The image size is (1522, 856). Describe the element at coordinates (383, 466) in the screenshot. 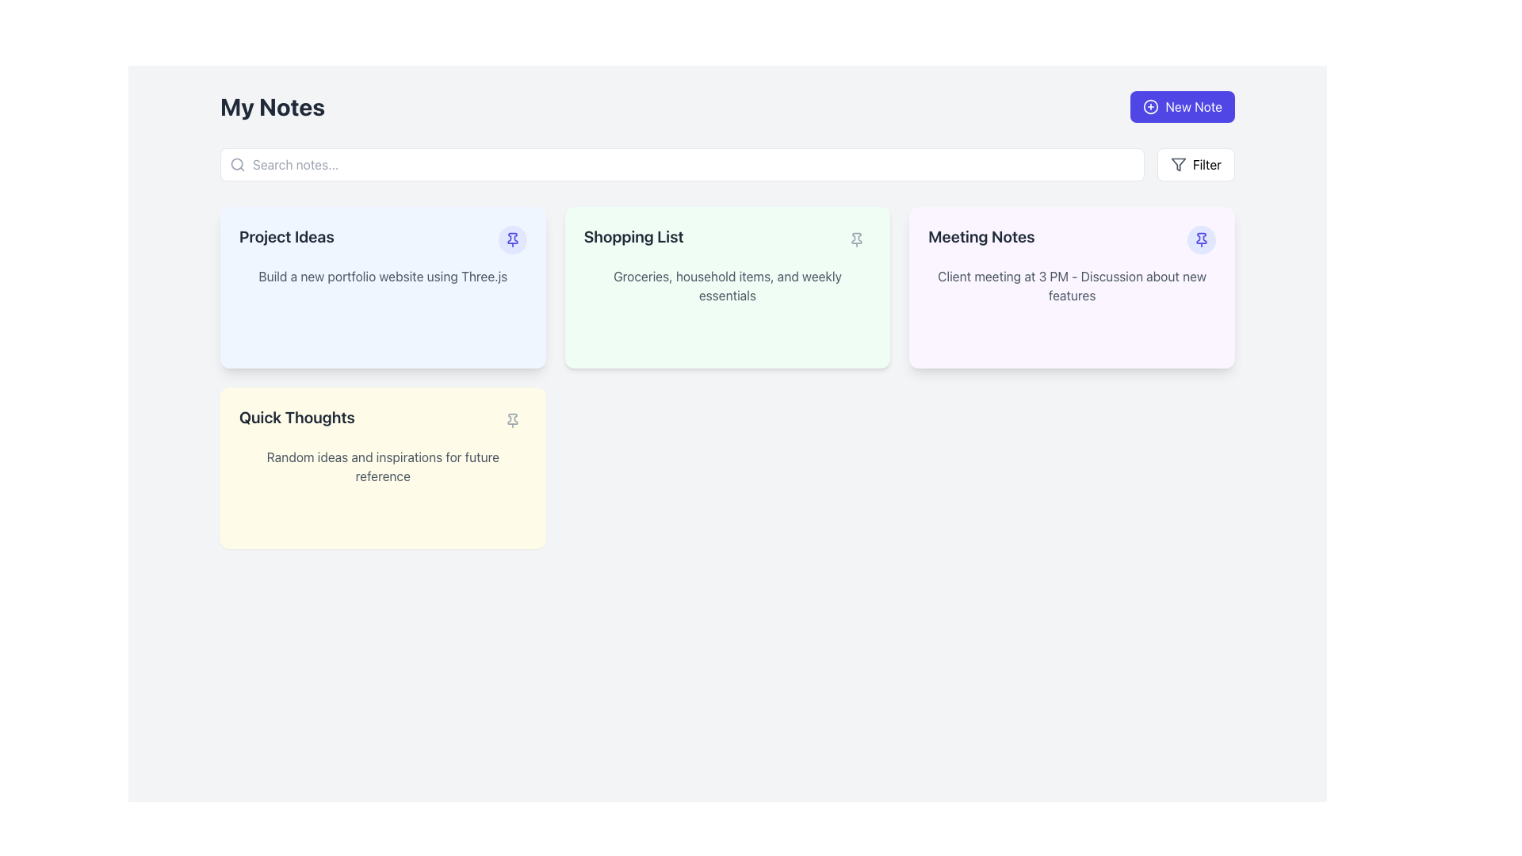

I see `the text element displaying 'Random ideas and inspirations for future reference', located in the 'Quick Thoughts' section below the main title 'Quick Thoughts'` at that location.